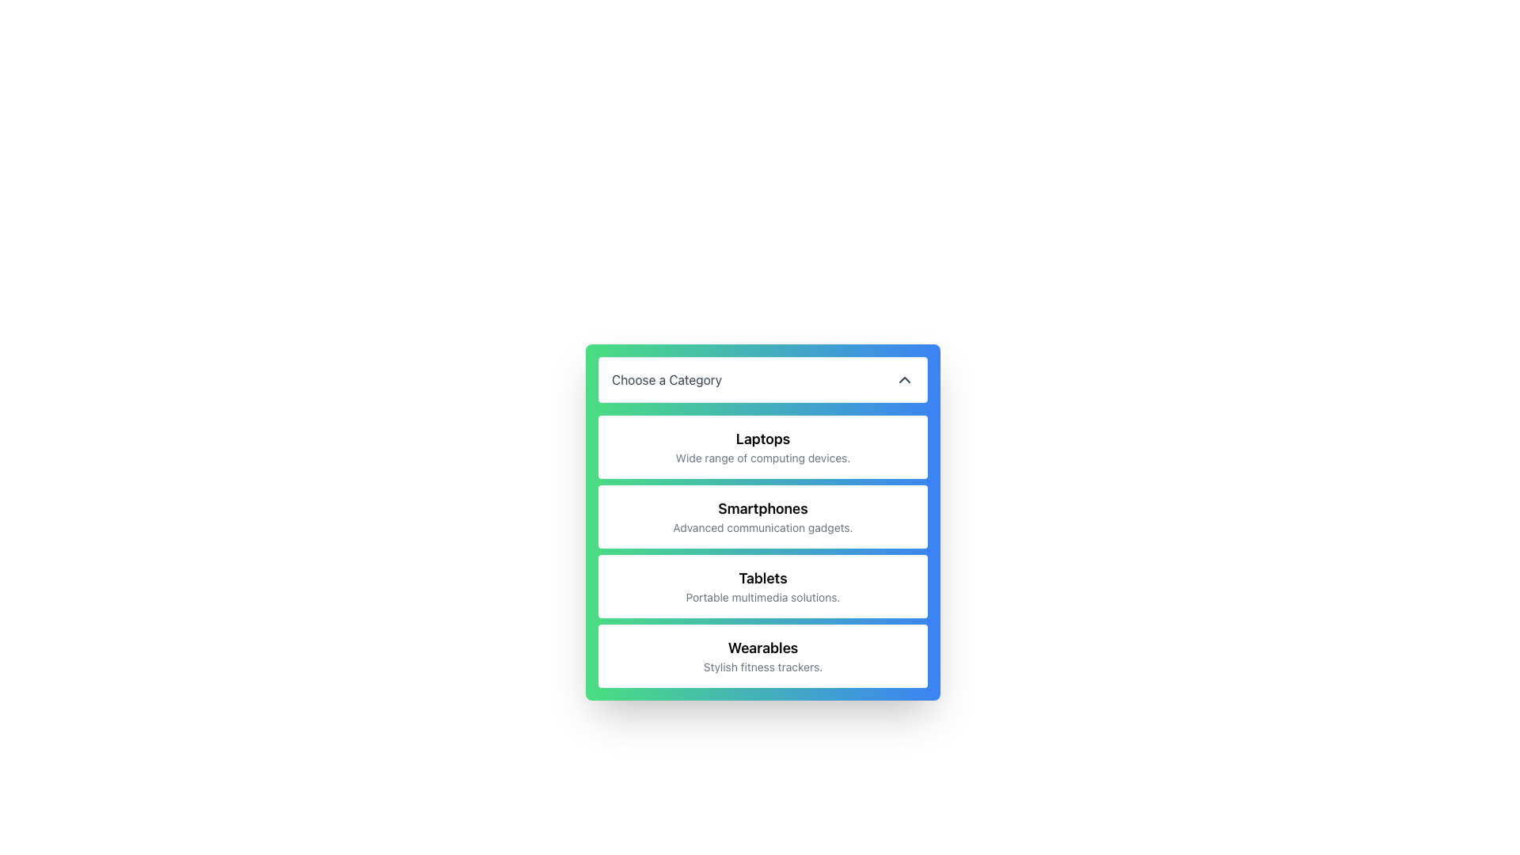  What do you see at coordinates (904, 379) in the screenshot?
I see `the upward-facing chevron SVG icon located at the far right side of the 'Choose a Category' button` at bounding box center [904, 379].